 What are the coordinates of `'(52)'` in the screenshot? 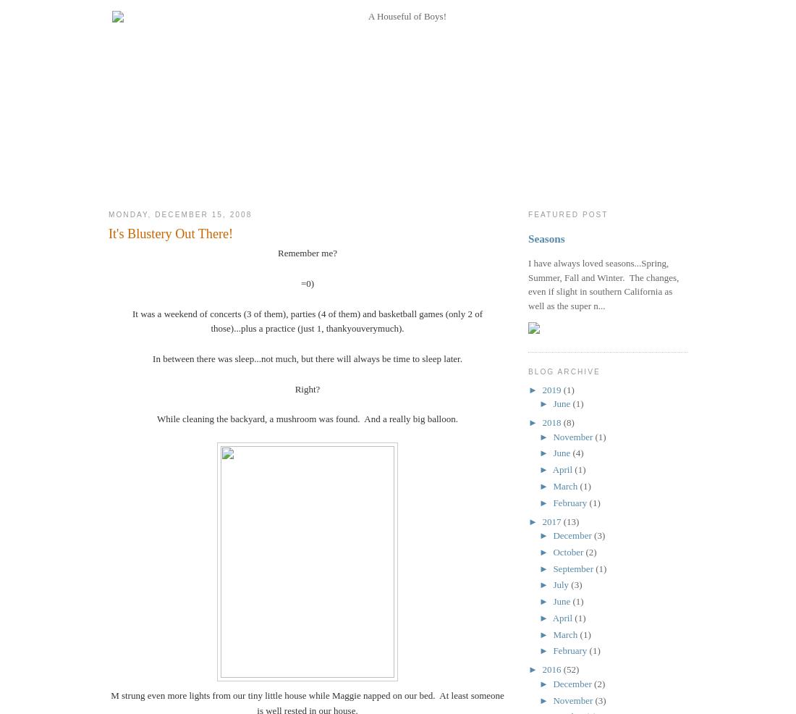 It's located at (571, 669).